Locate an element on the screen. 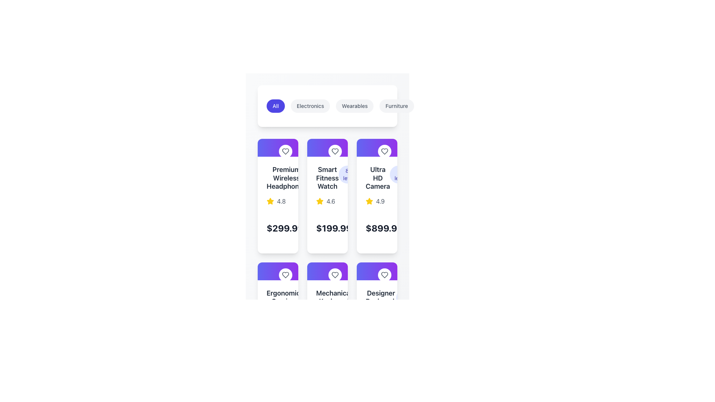  text display showing 'Ergonomic Gaming Chair' and '12 left' for product availability information is located at coordinates (277, 301).